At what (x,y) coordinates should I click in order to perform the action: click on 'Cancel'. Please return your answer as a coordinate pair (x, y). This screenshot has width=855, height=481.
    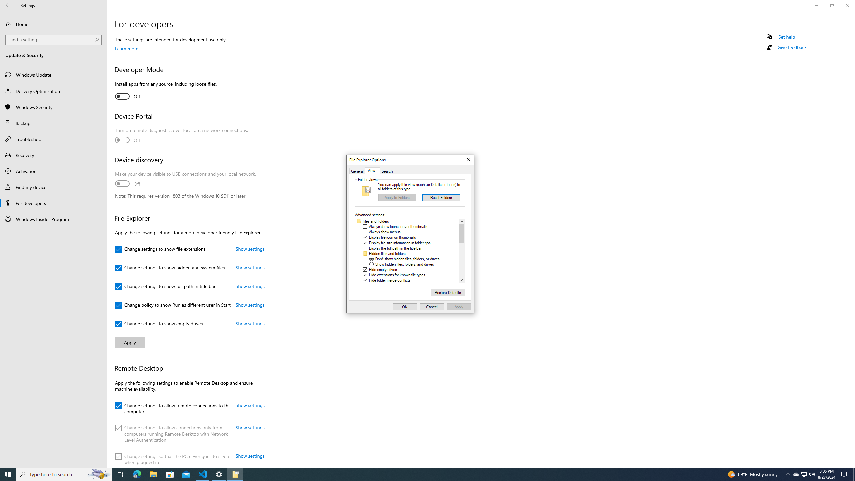
    Looking at the image, I should click on (432, 307).